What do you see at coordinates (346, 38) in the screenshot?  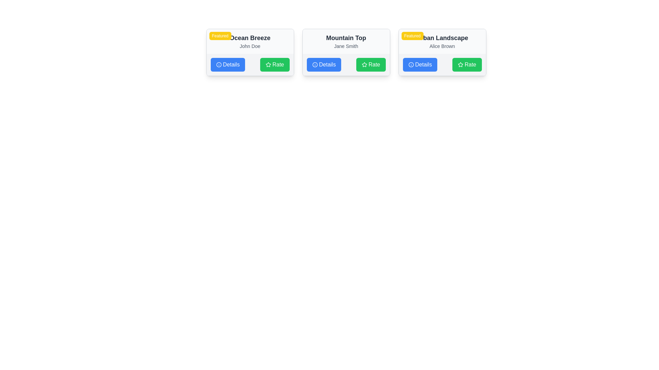 I see `the text label displaying 'Mountain Top' in bold, large, dark gray font, located at the upper section of the middle card` at bounding box center [346, 38].